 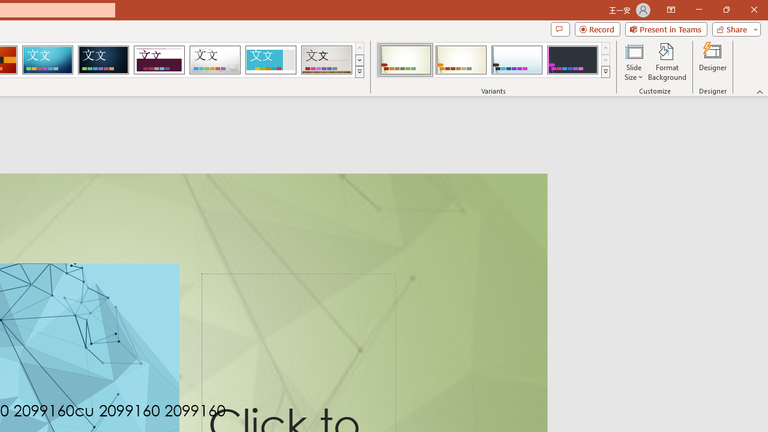 What do you see at coordinates (103, 60) in the screenshot?
I see `'Damask'` at bounding box center [103, 60].